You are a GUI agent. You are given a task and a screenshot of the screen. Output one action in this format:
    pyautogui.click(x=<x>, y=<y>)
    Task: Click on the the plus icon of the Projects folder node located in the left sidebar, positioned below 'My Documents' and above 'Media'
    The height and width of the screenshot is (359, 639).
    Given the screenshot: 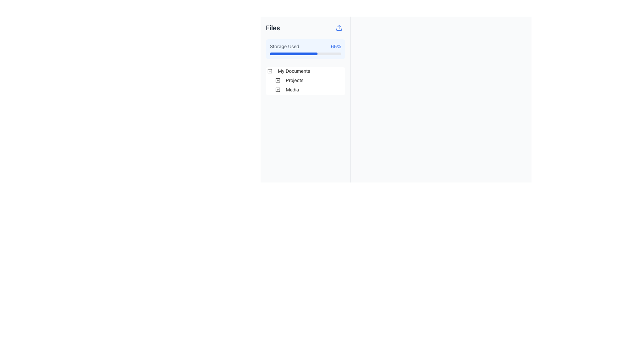 What is the action you would take?
    pyautogui.click(x=286, y=80)
    